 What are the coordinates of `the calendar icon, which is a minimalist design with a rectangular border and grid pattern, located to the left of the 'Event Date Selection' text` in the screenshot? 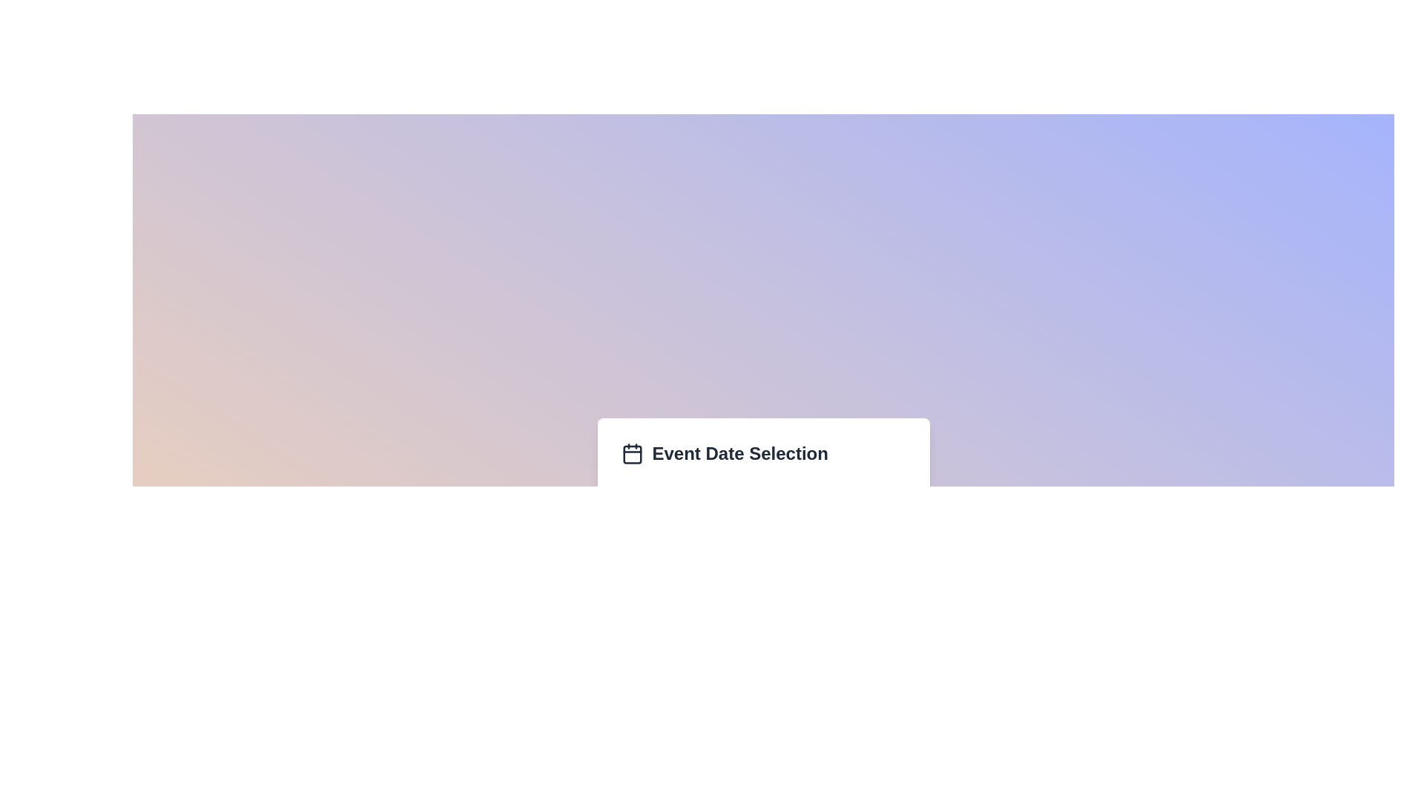 It's located at (632, 453).